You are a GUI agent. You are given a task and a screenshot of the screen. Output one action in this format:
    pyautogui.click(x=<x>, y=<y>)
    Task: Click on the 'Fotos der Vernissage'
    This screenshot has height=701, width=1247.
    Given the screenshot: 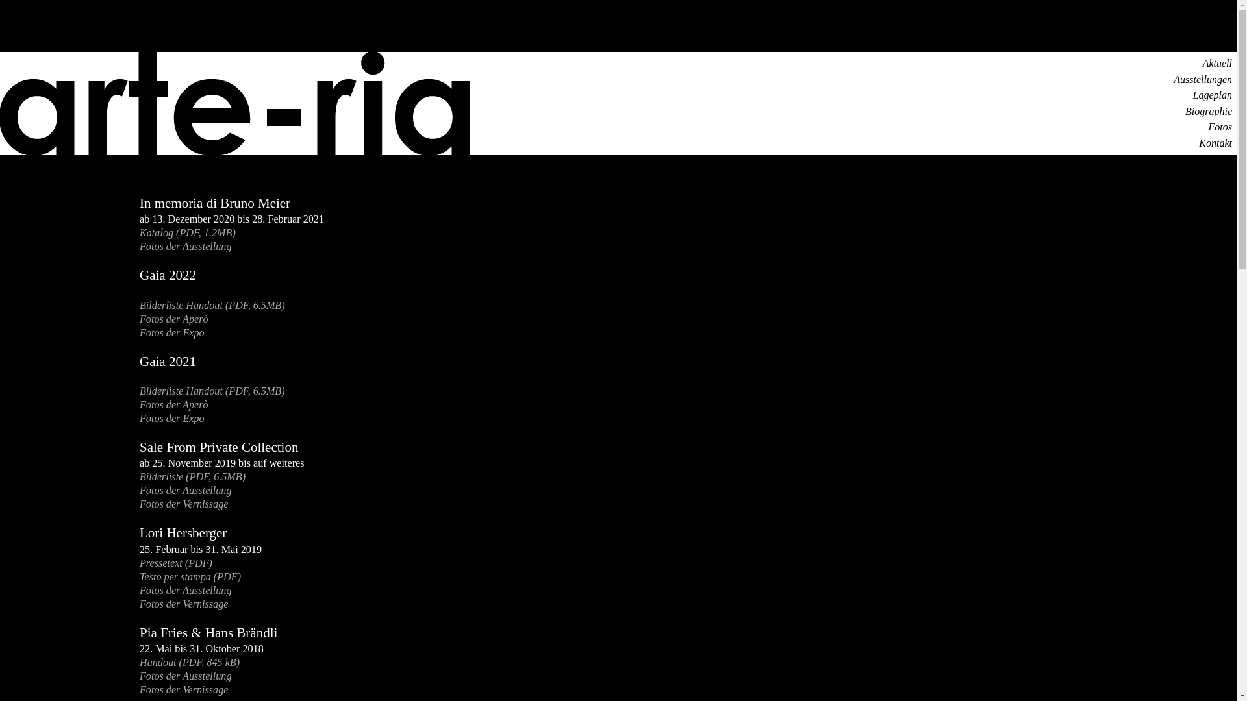 What is the action you would take?
    pyautogui.click(x=183, y=503)
    